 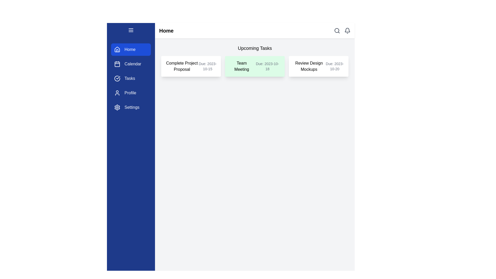 I want to click on the 'Profile' button, so click(x=131, y=92).